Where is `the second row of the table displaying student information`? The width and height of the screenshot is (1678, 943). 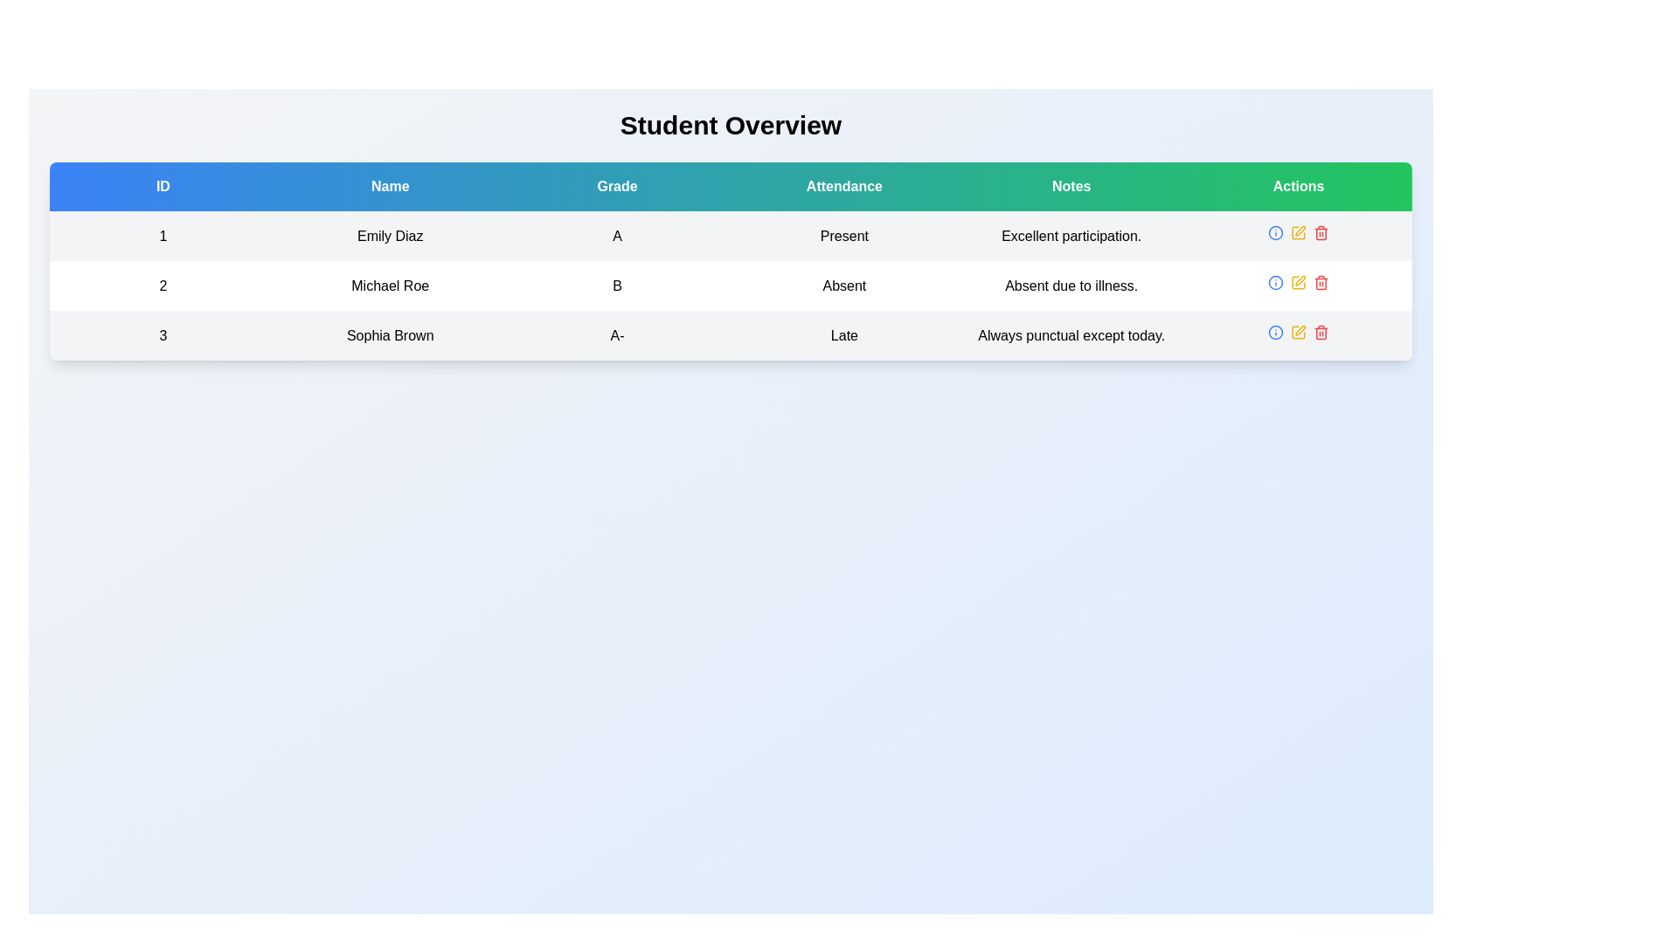 the second row of the table displaying student information is located at coordinates (731, 285).